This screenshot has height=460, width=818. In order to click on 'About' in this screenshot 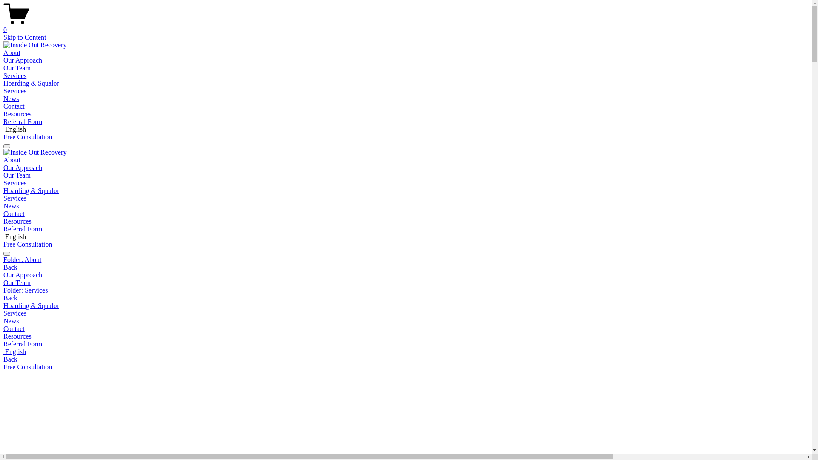, I will do `click(12, 52)`.